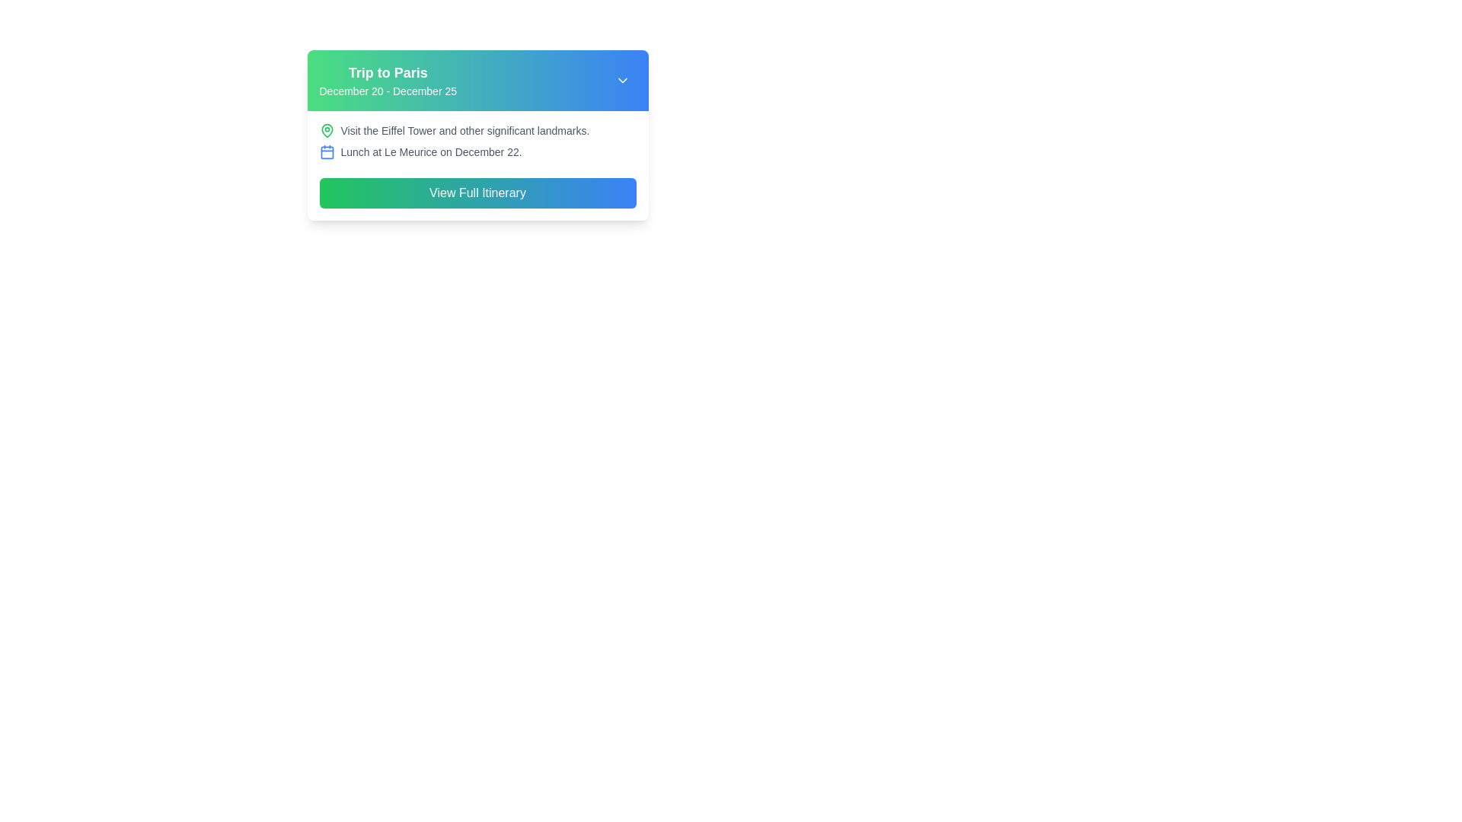 This screenshot has height=822, width=1462. What do you see at coordinates (477, 193) in the screenshot?
I see `the 'View Full Itinerary' button, which is a rounded rectangular button with a gradient background from green to blue, located at the bottom of the 'Trip to Paris' card section` at bounding box center [477, 193].